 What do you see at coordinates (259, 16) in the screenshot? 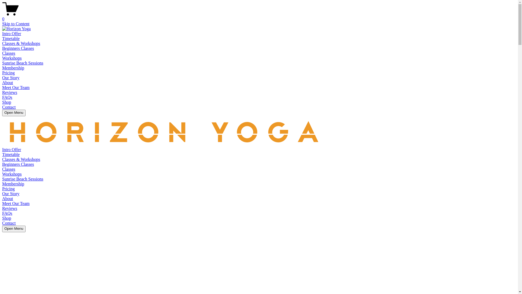
I see `'0'` at bounding box center [259, 16].